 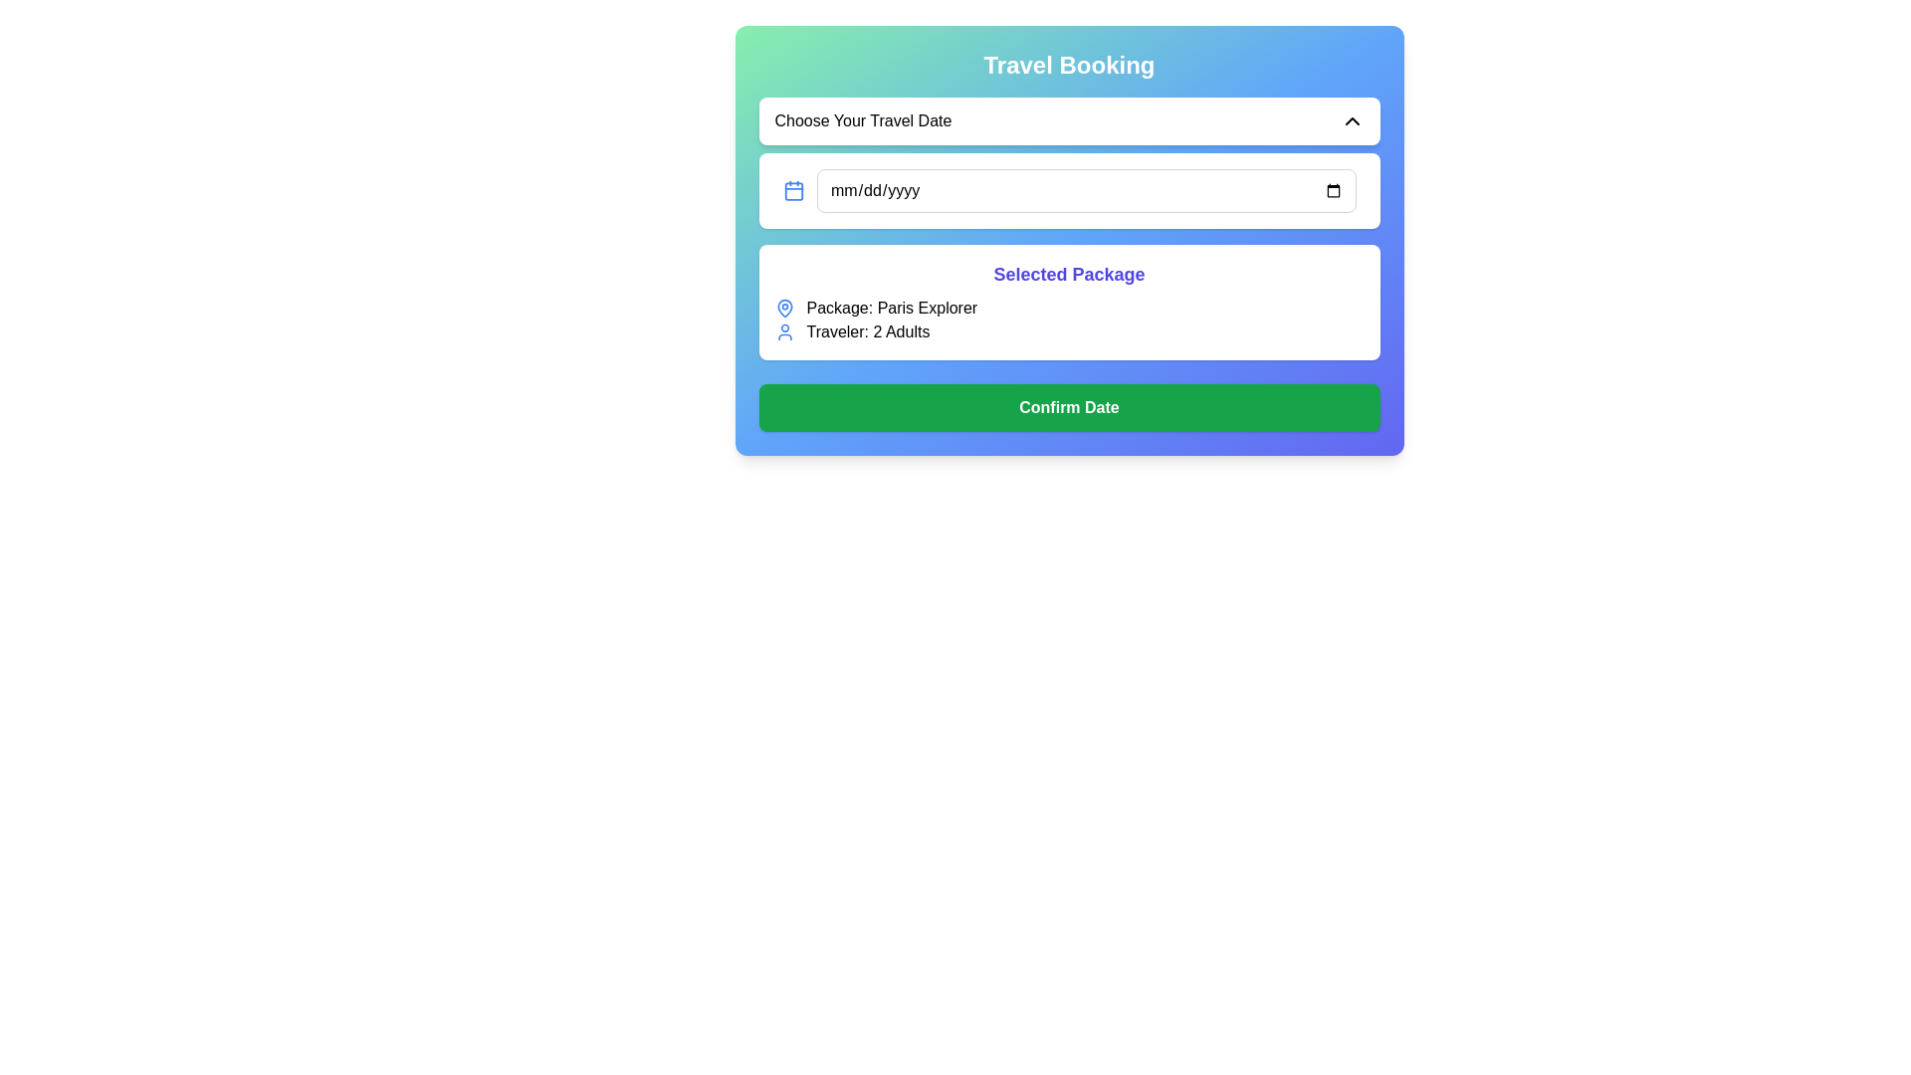 What do you see at coordinates (783, 331) in the screenshot?
I see `the icon representing the traveler category, located to the left of the text 'Traveler: 2 Adults'` at bounding box center [783, 331].